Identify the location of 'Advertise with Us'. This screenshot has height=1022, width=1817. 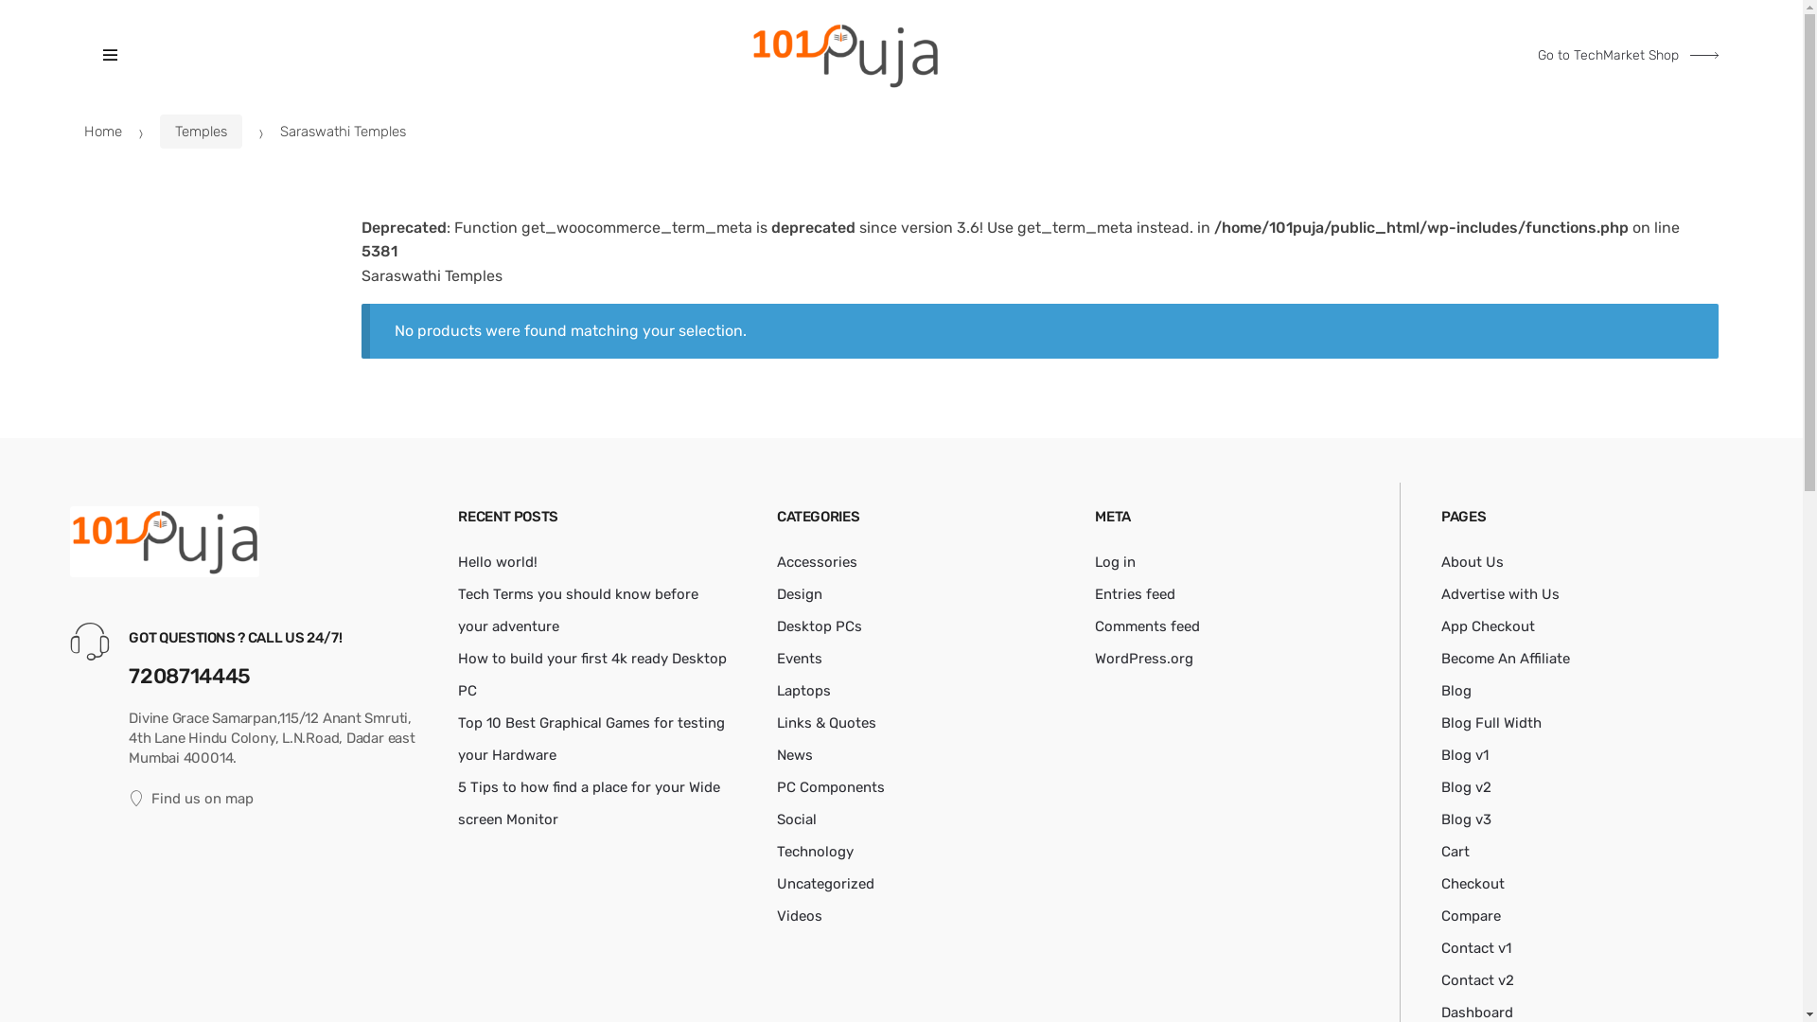
(1499, 593).